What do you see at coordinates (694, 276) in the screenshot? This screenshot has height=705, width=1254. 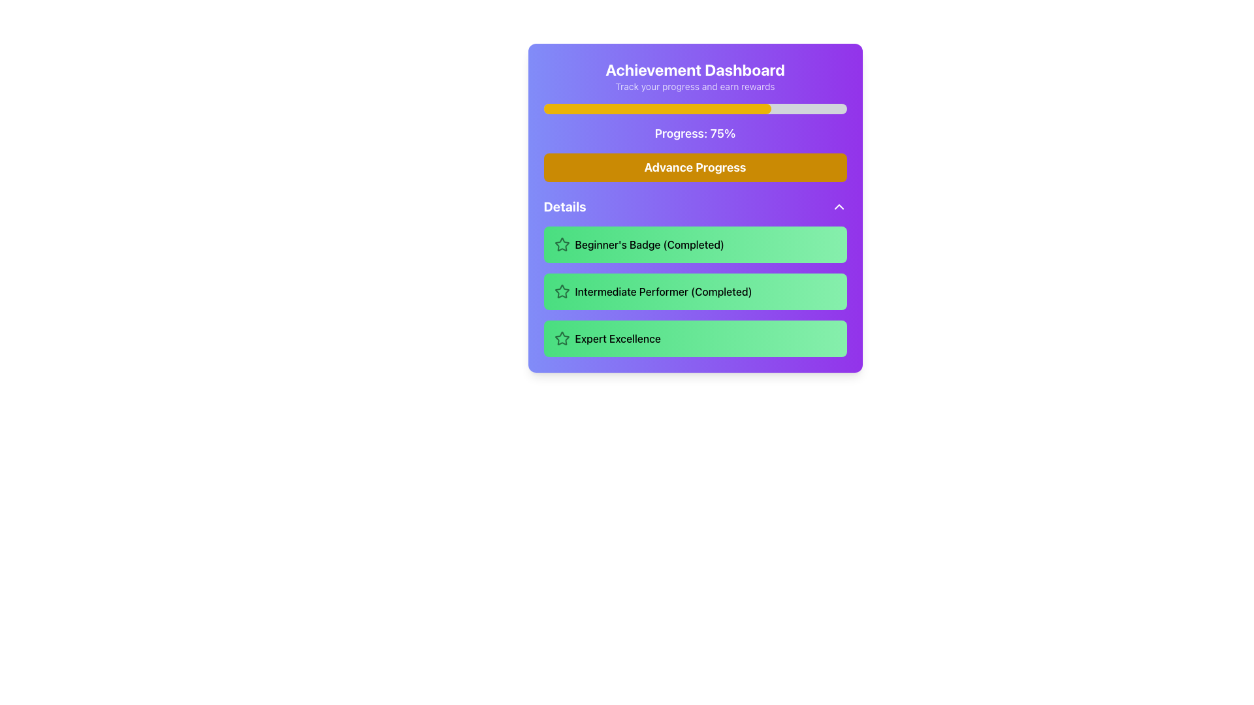 I see `the 'Intermediate Performer (Completed)' badge in the Achievement Dashboard, which is the second item in the vertically stacked list of achievement badges` at bounding box center [694, 276].